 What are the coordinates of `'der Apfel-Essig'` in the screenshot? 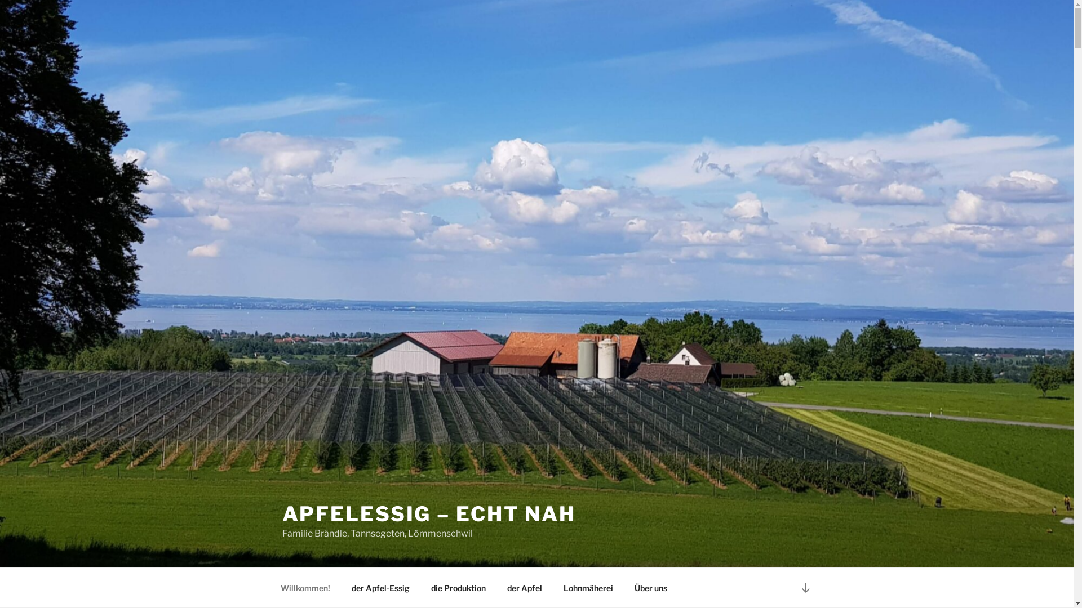 It's located at (380, 587).